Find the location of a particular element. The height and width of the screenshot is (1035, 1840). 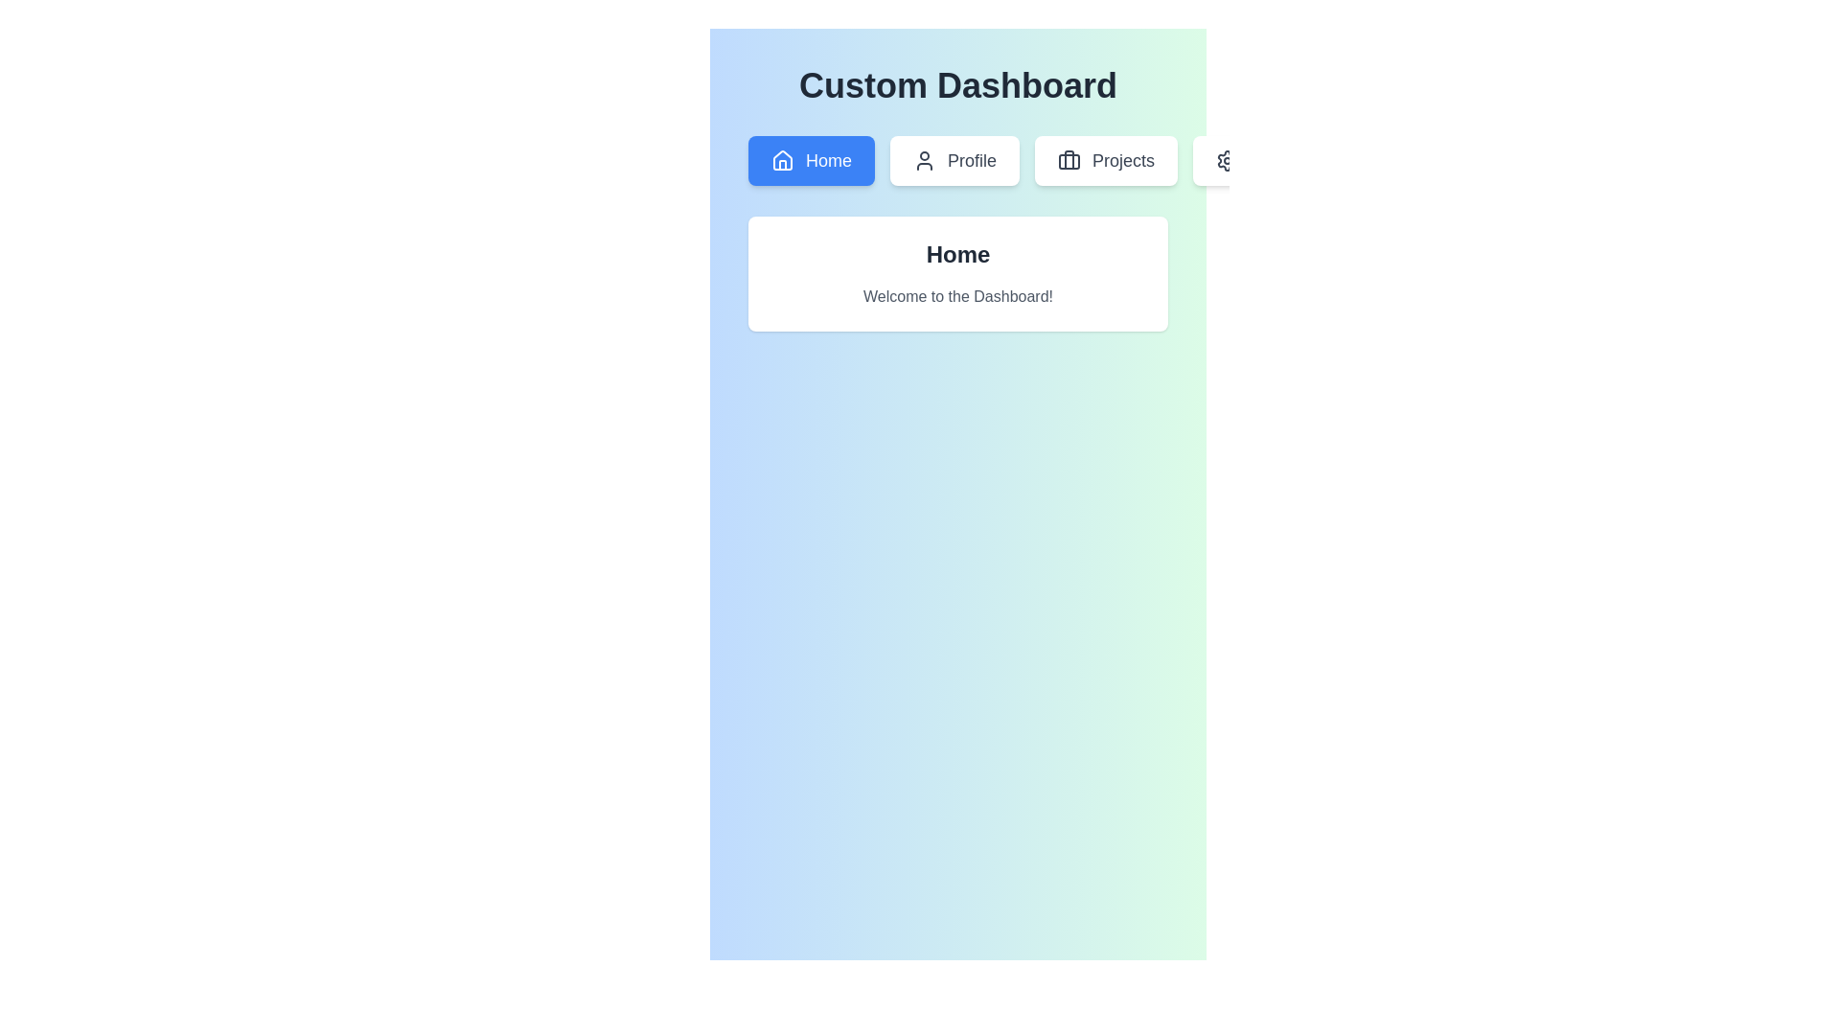

the navigation button for accessing the settings section of the application, which is located on the top navigation bar as the fourth item from the left after the 'Projects' button is located at coordinates (1264, 160).